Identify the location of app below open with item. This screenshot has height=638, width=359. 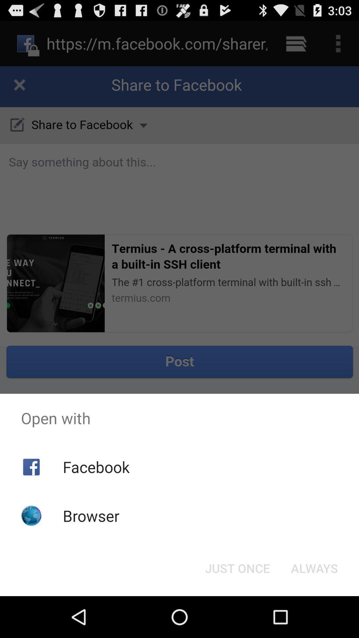
(314, 568).